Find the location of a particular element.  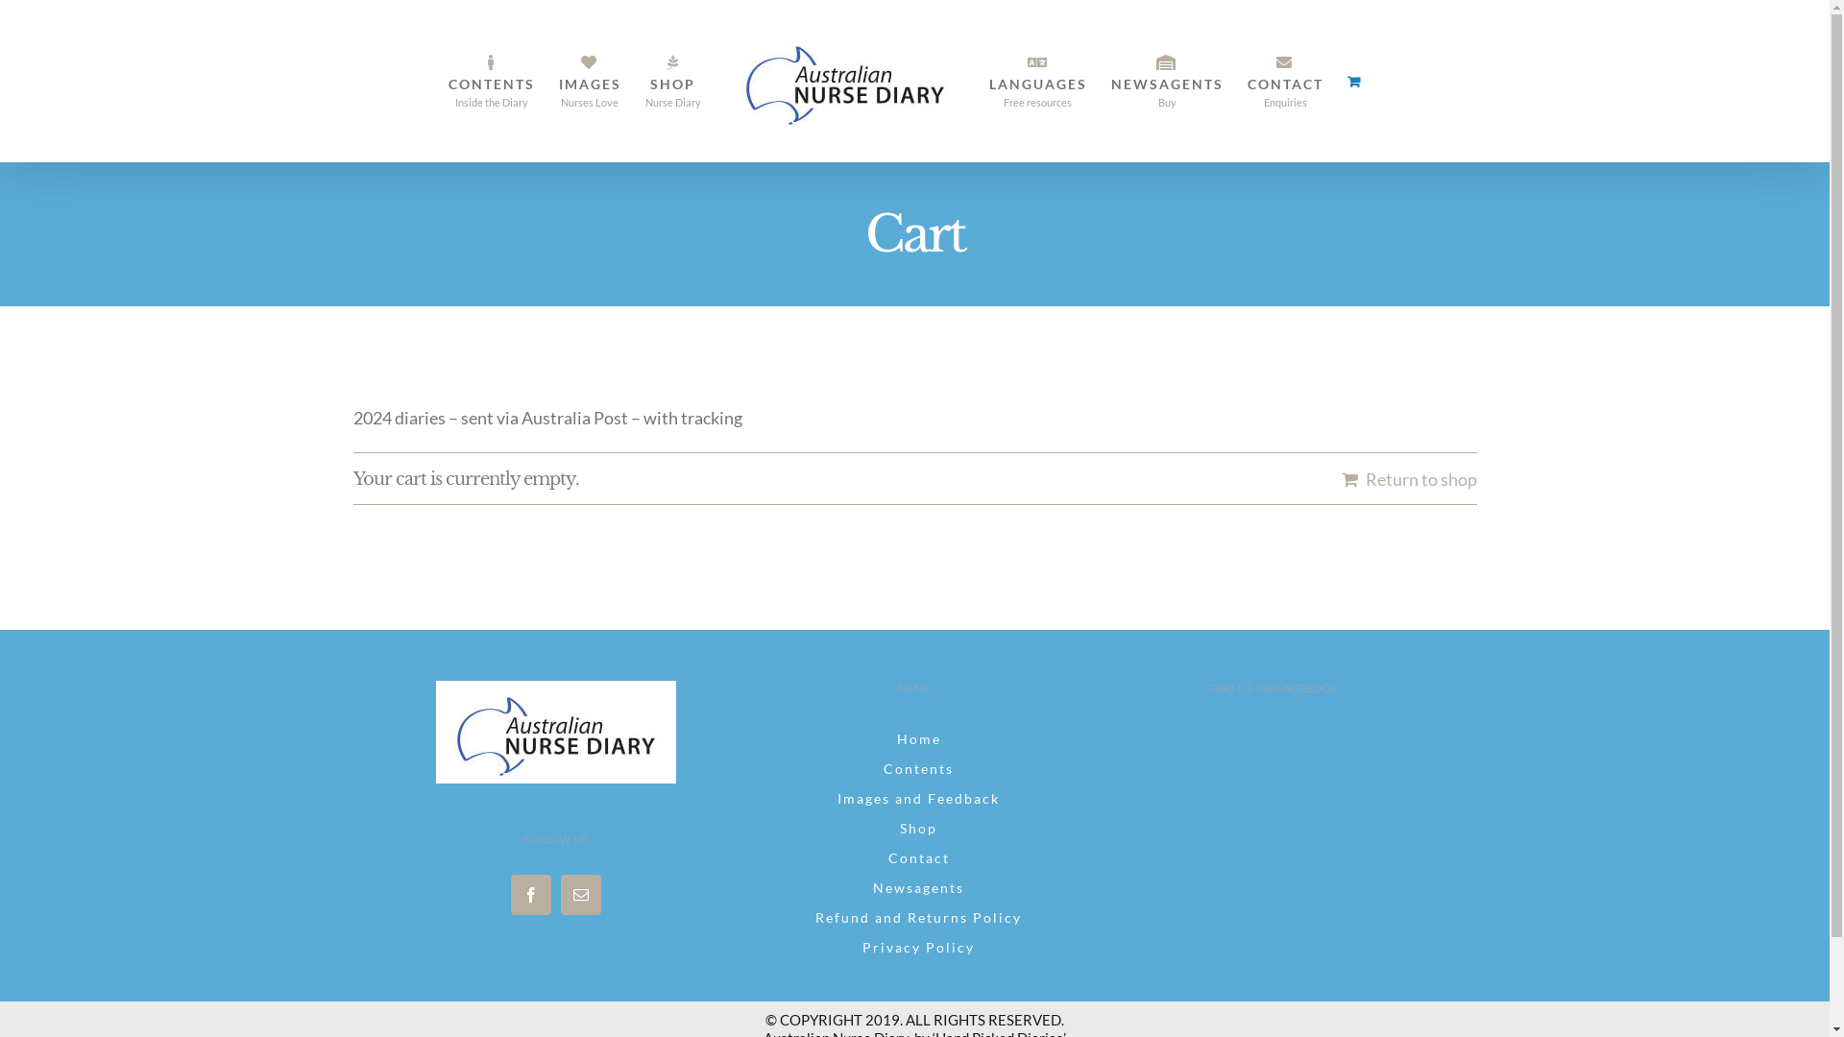

'Mail' is located at coordinates (560, 893).